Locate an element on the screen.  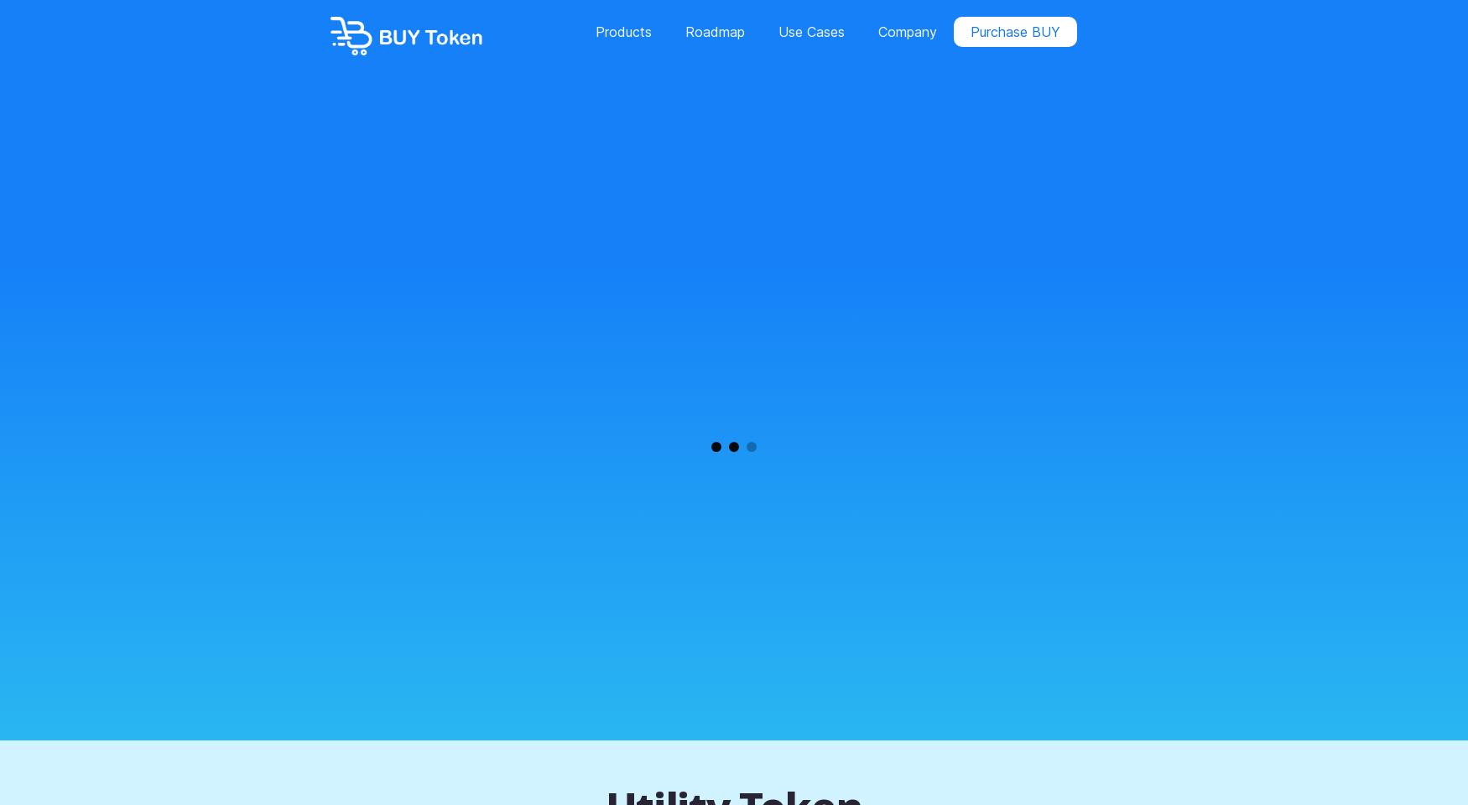
'Products' is located at coordinates (622, 31).